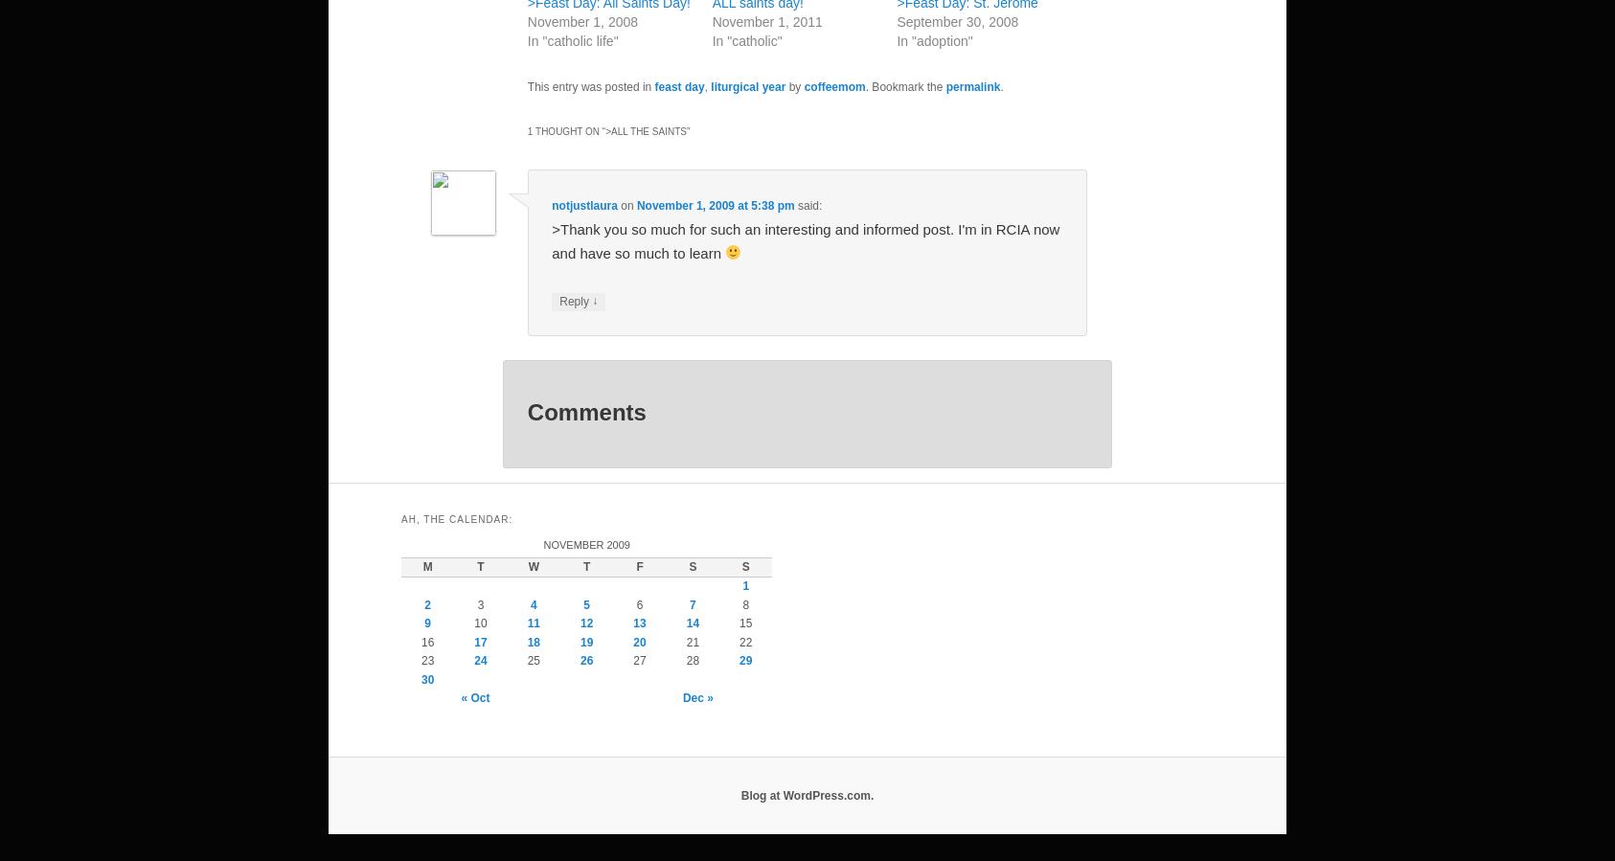 The height and width of the screenshot is (861, 1615). Describe the element at coordinates (585, 603) in the screenshot. I see `'5'` at that location.